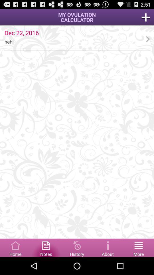 The height and width of the screenshot is (275, 154). I want to click on the home, so click(15, 247).